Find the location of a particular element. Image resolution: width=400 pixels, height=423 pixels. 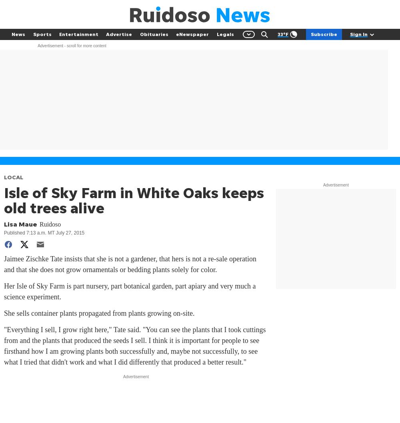

'Isle of Sky Farm in White Oaks keeps old trees alive' is located at coordinates (134, 200).